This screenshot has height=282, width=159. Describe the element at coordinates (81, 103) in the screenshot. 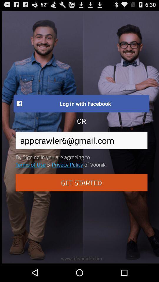

I see `log in with item` at that location.